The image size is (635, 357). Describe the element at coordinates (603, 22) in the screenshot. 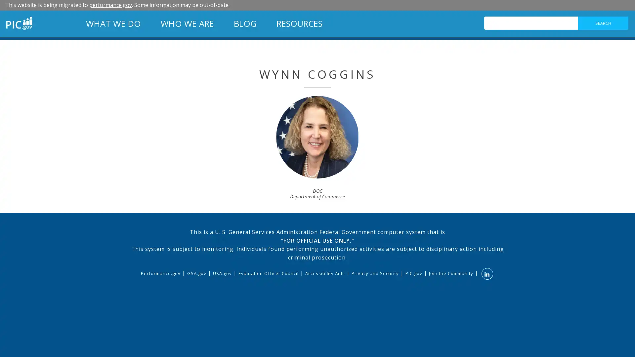

I see `Search` at that location.